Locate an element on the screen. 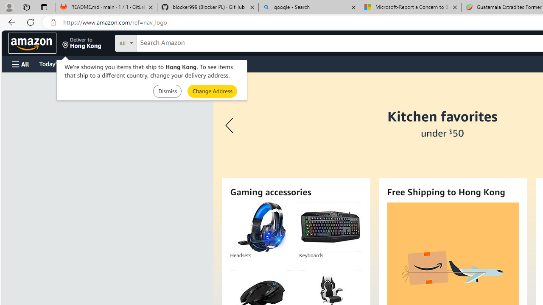  'Deliver to Hong Kong' is located at coordinates (82, 43).